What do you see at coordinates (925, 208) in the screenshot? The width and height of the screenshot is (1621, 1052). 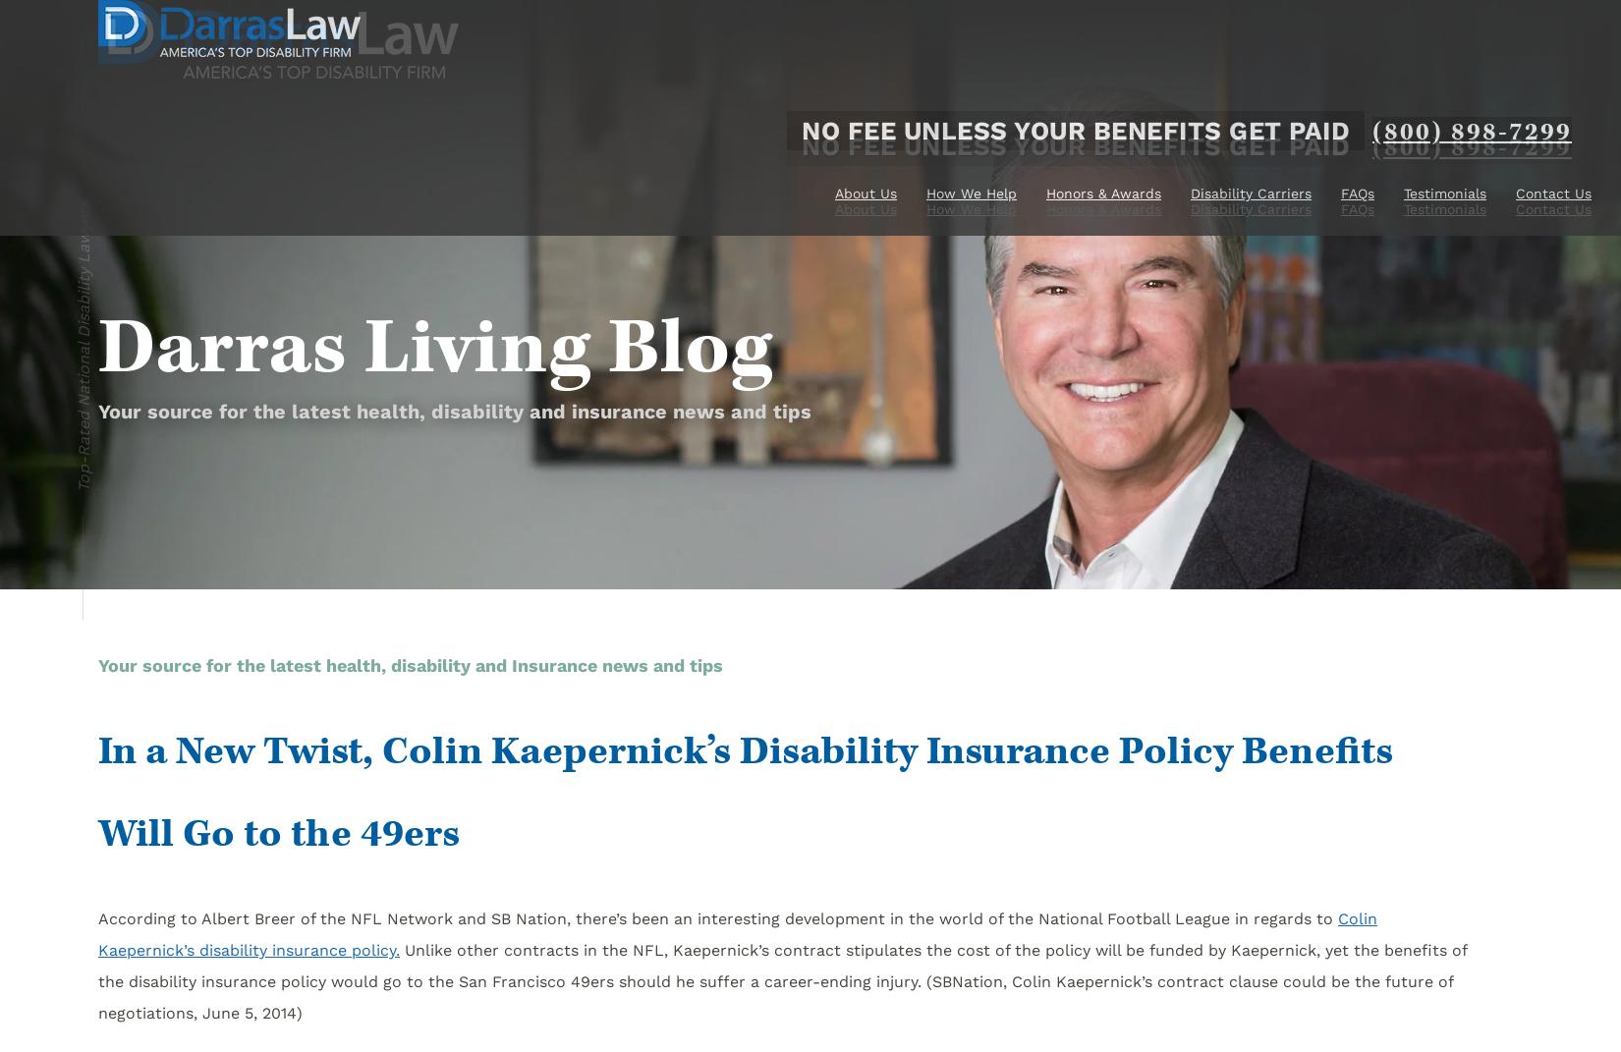 I see `'How We Help'` at bounding box center [925, 208].